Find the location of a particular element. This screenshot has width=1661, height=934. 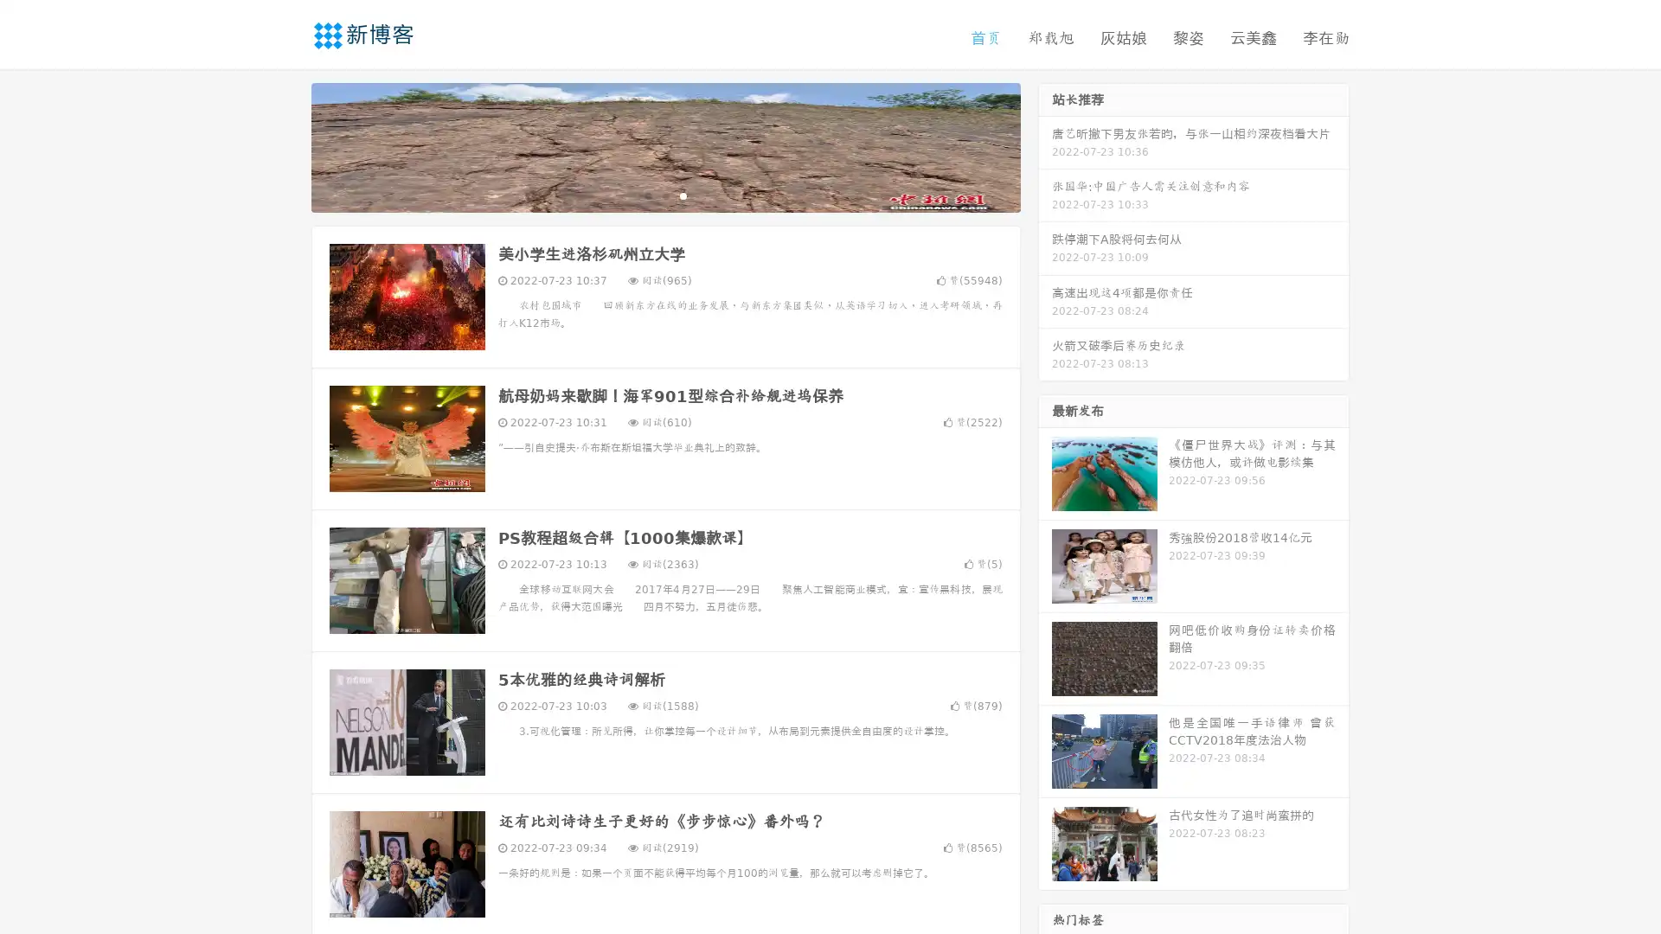

Next slide is located at coordinates (1045, 145).